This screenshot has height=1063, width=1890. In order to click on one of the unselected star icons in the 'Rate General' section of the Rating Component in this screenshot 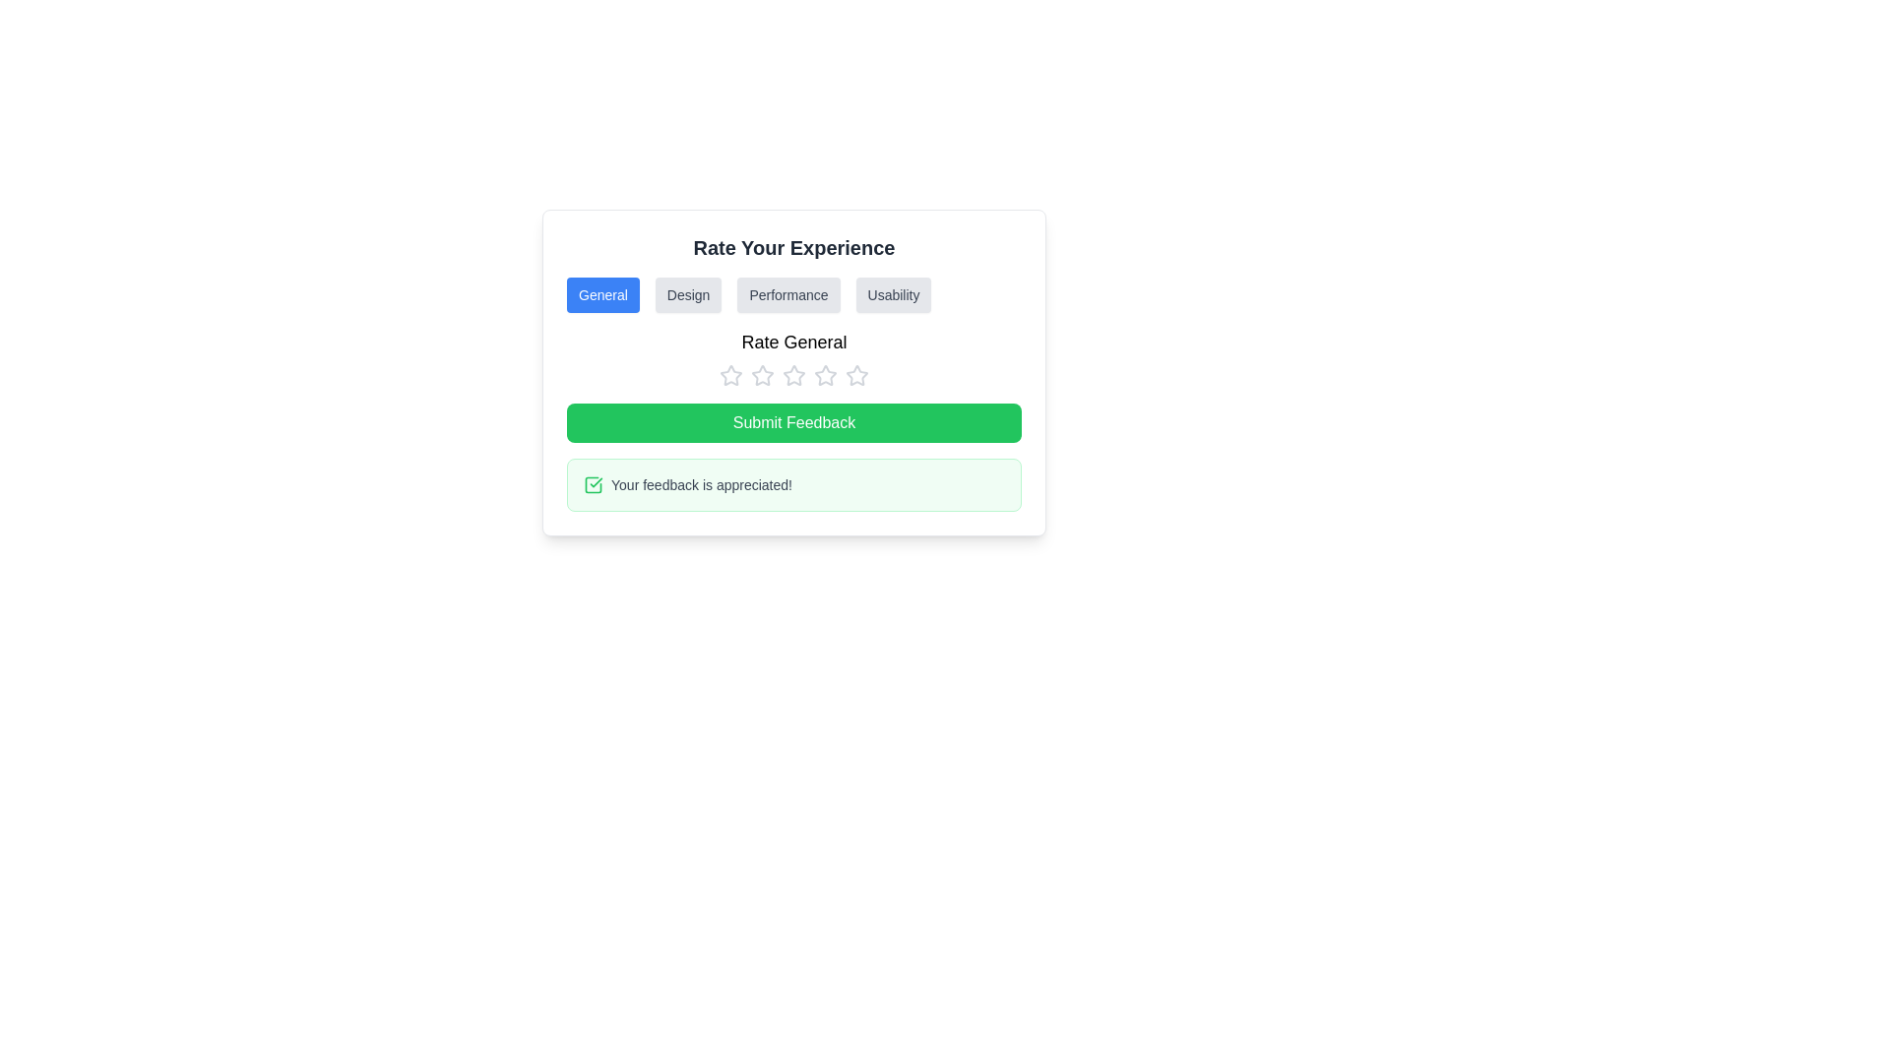, I will do `click(793, 357)`.